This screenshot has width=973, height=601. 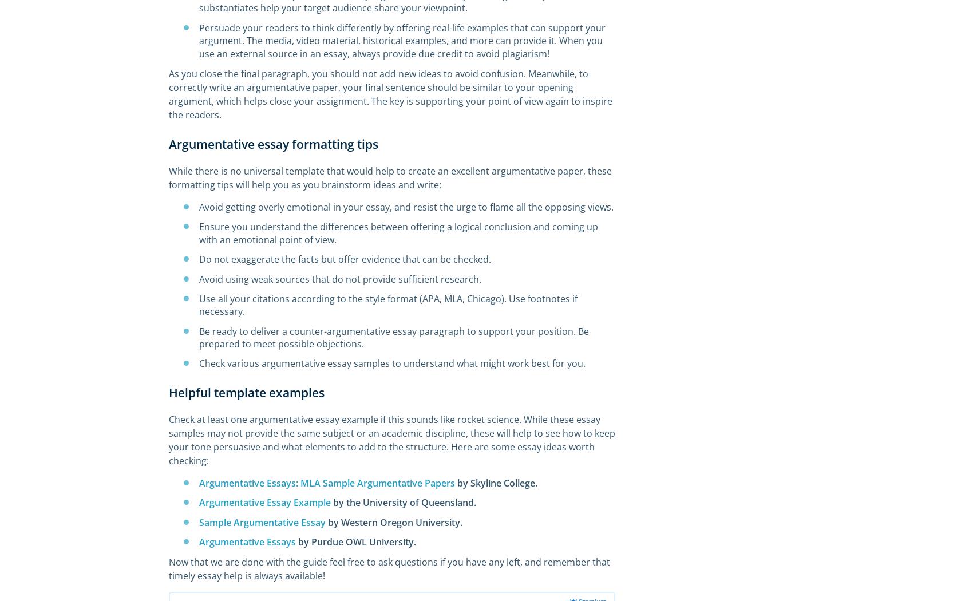 I want to click on 'Argumentative essay formatting tips', so click(x=274, y=143).